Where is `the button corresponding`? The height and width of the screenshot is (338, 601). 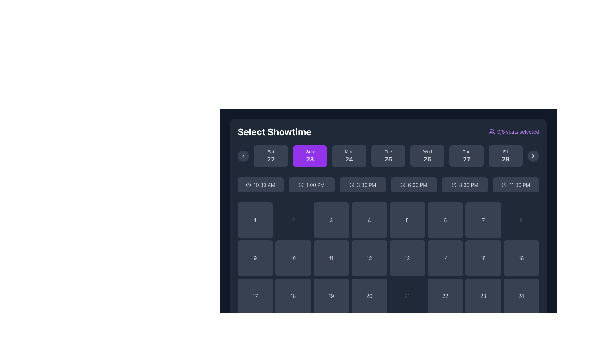
the button corresponding is located at coordinates (483, 296).